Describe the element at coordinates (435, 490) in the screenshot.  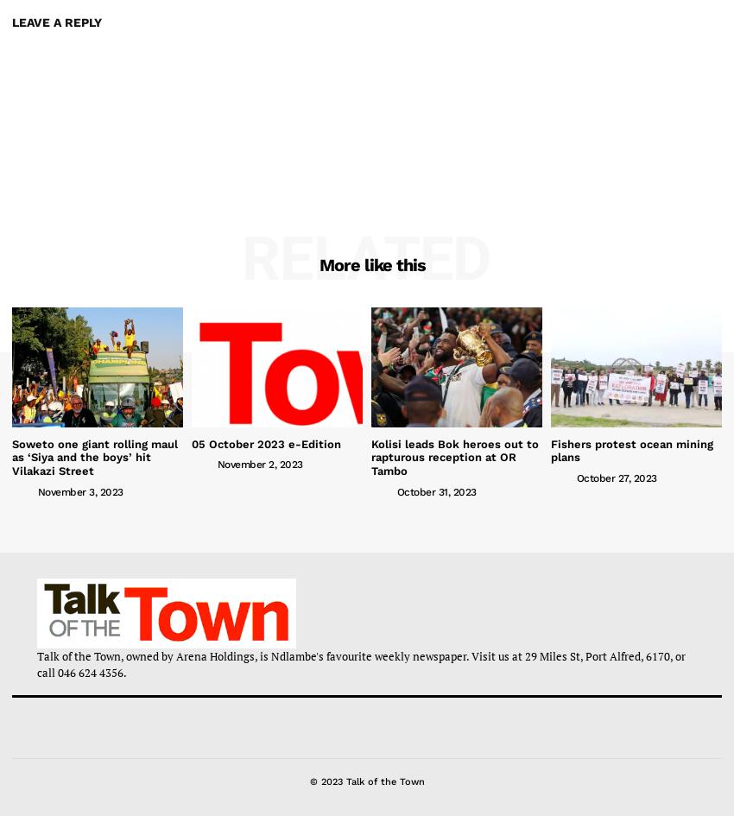
I see `'October 31, 2023'` at that location.